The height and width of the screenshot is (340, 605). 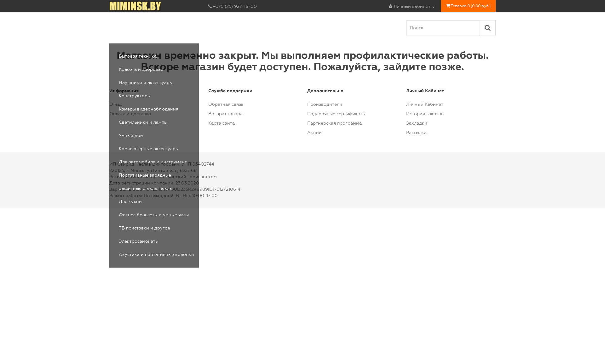 I want to click on 'Miminsk.by', so click(x=135, y=6).